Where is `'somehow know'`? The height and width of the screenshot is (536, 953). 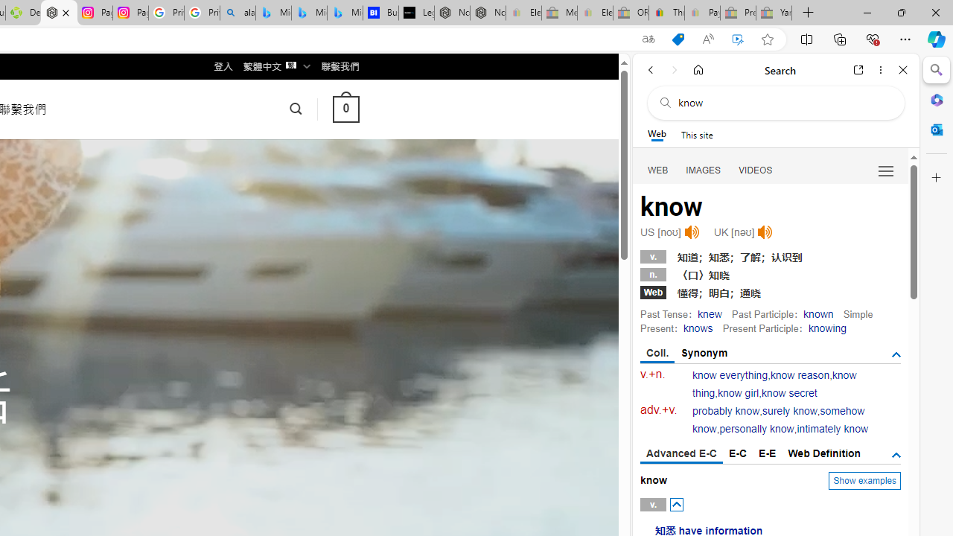
'somehow know' is located at coordinates (778, 420).